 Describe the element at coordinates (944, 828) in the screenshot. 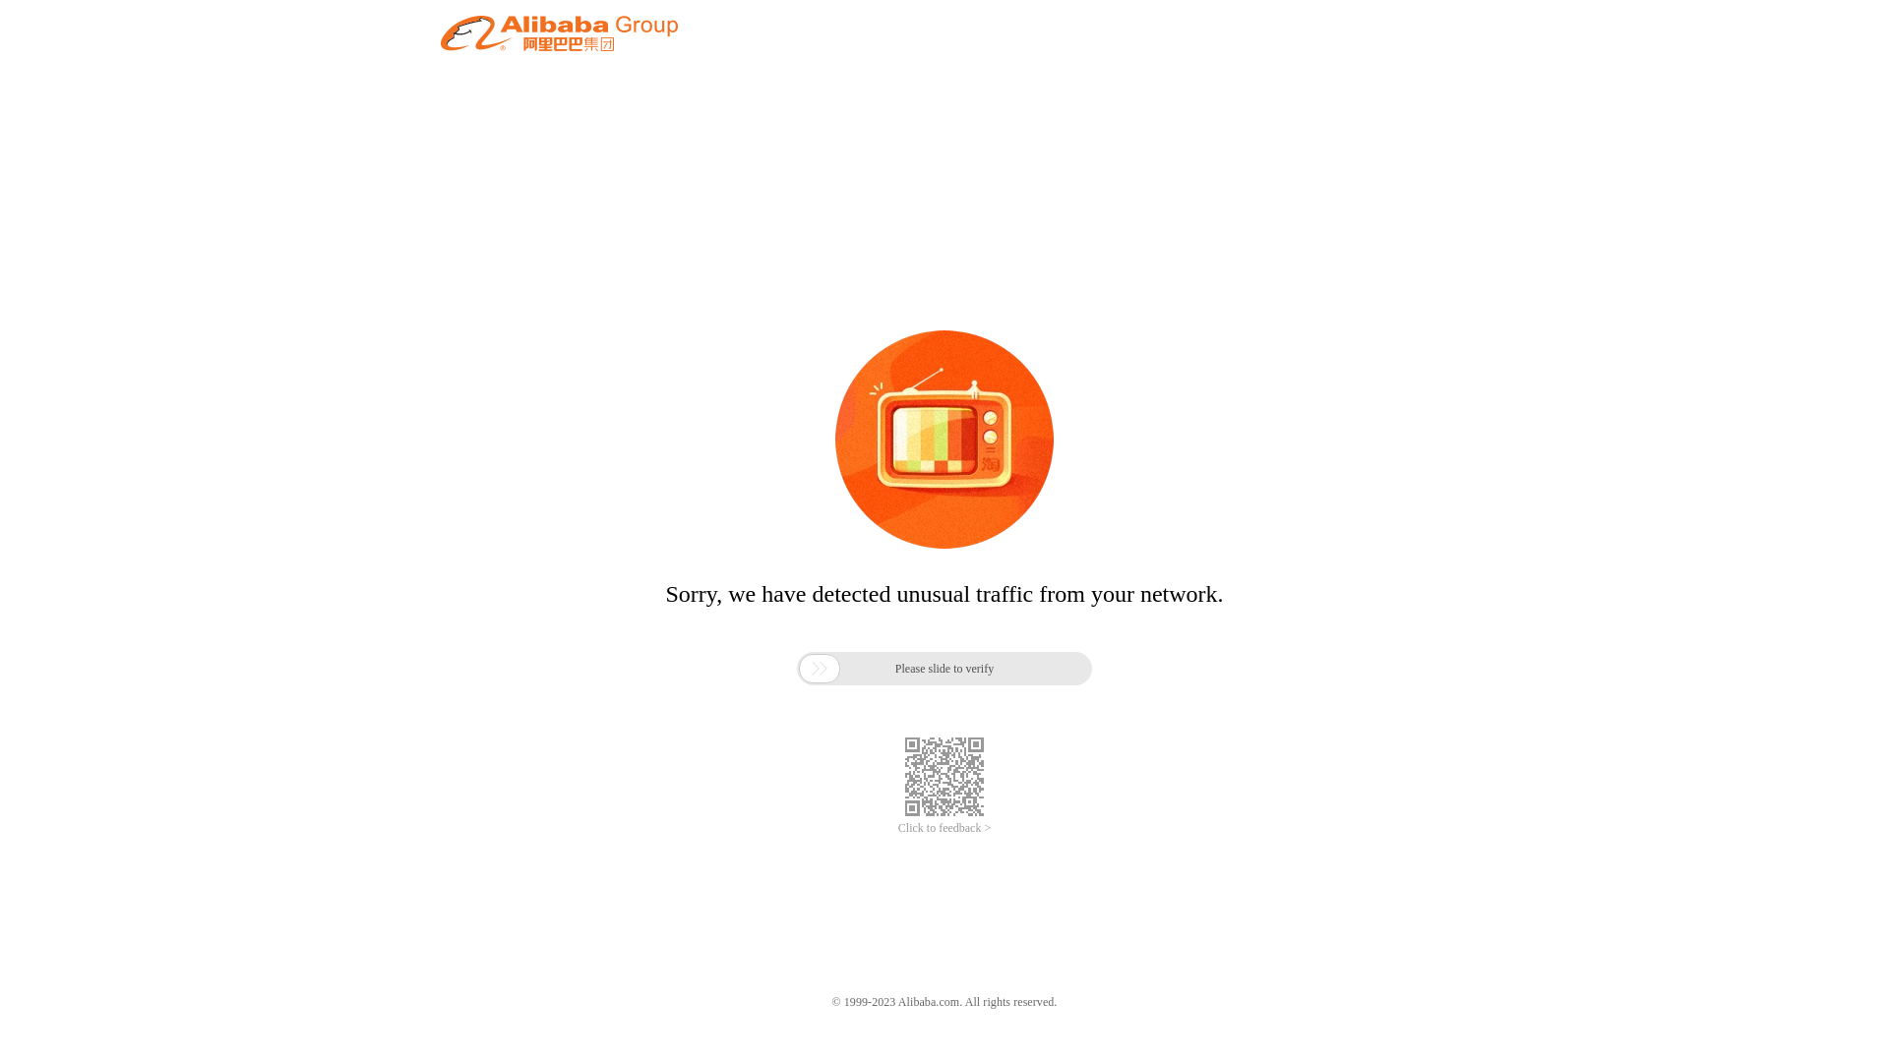

I see `'Click to feedback >'` at that location.